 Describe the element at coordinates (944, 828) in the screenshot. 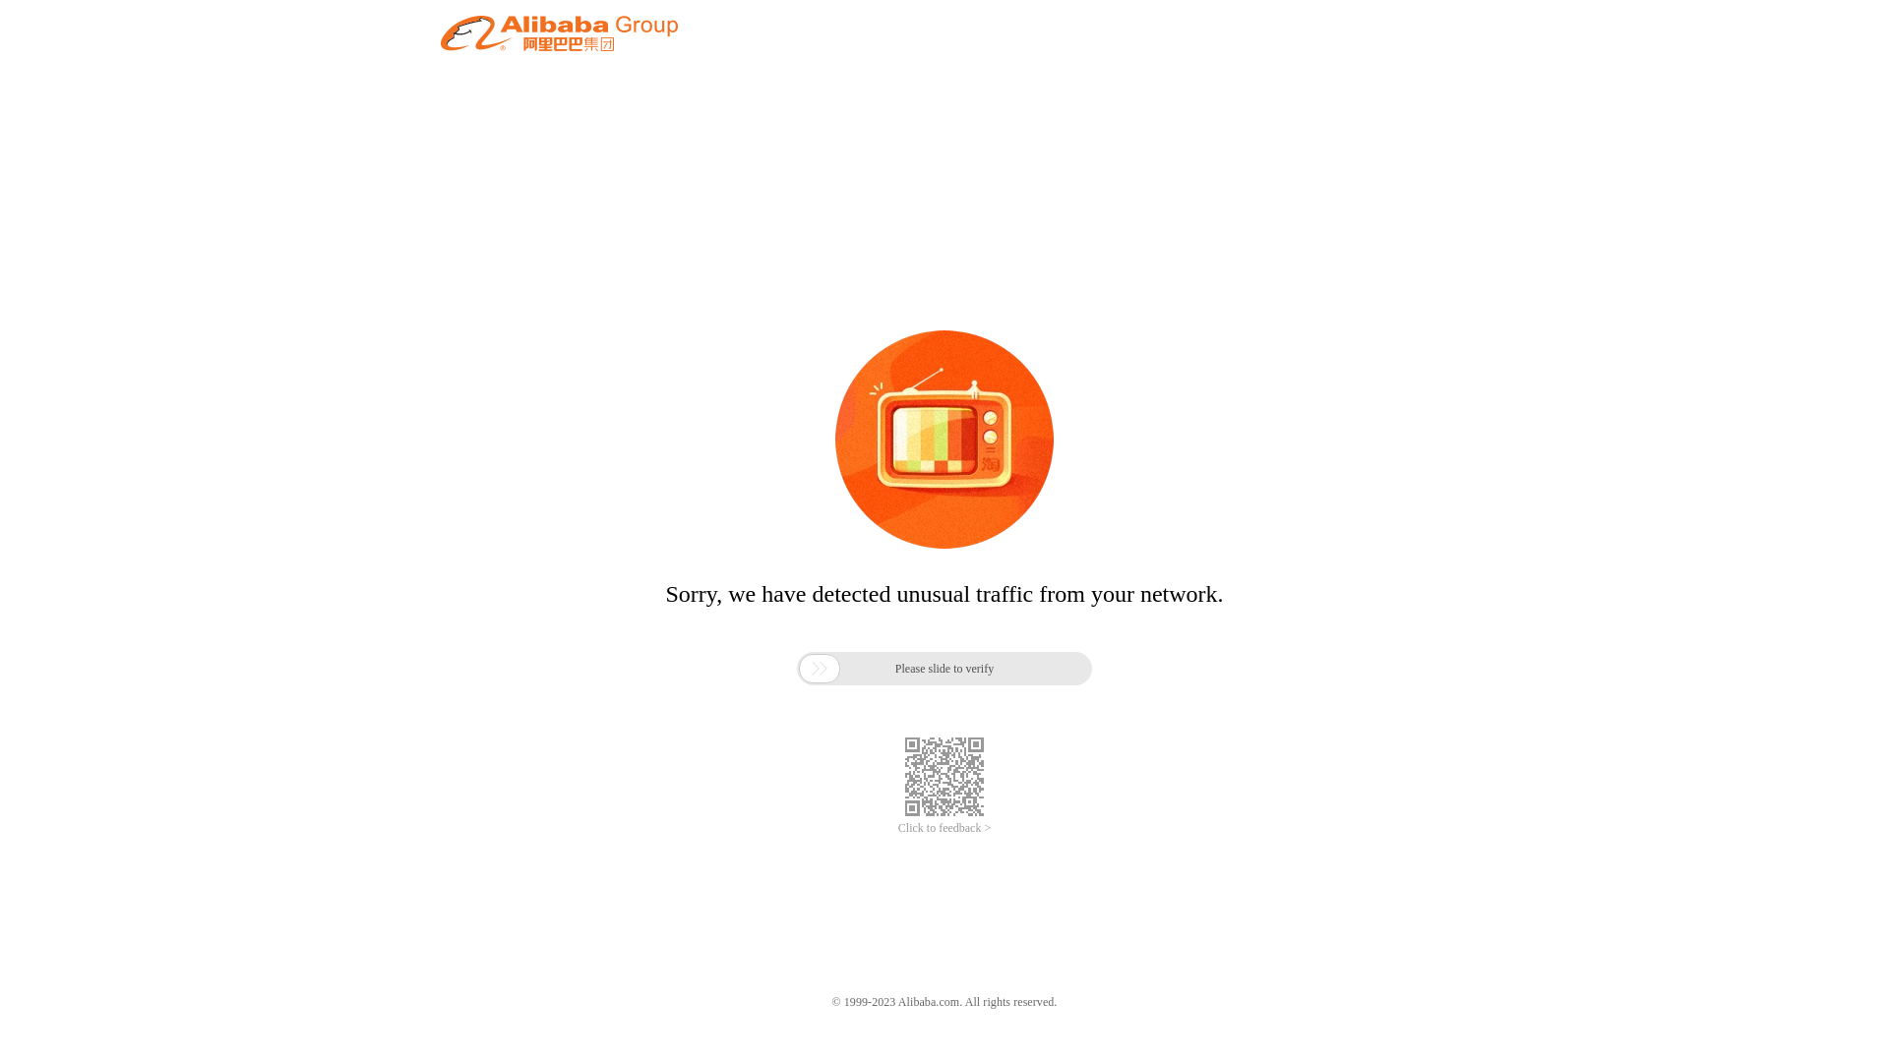

I see `'Click to feedback >'` at that location.